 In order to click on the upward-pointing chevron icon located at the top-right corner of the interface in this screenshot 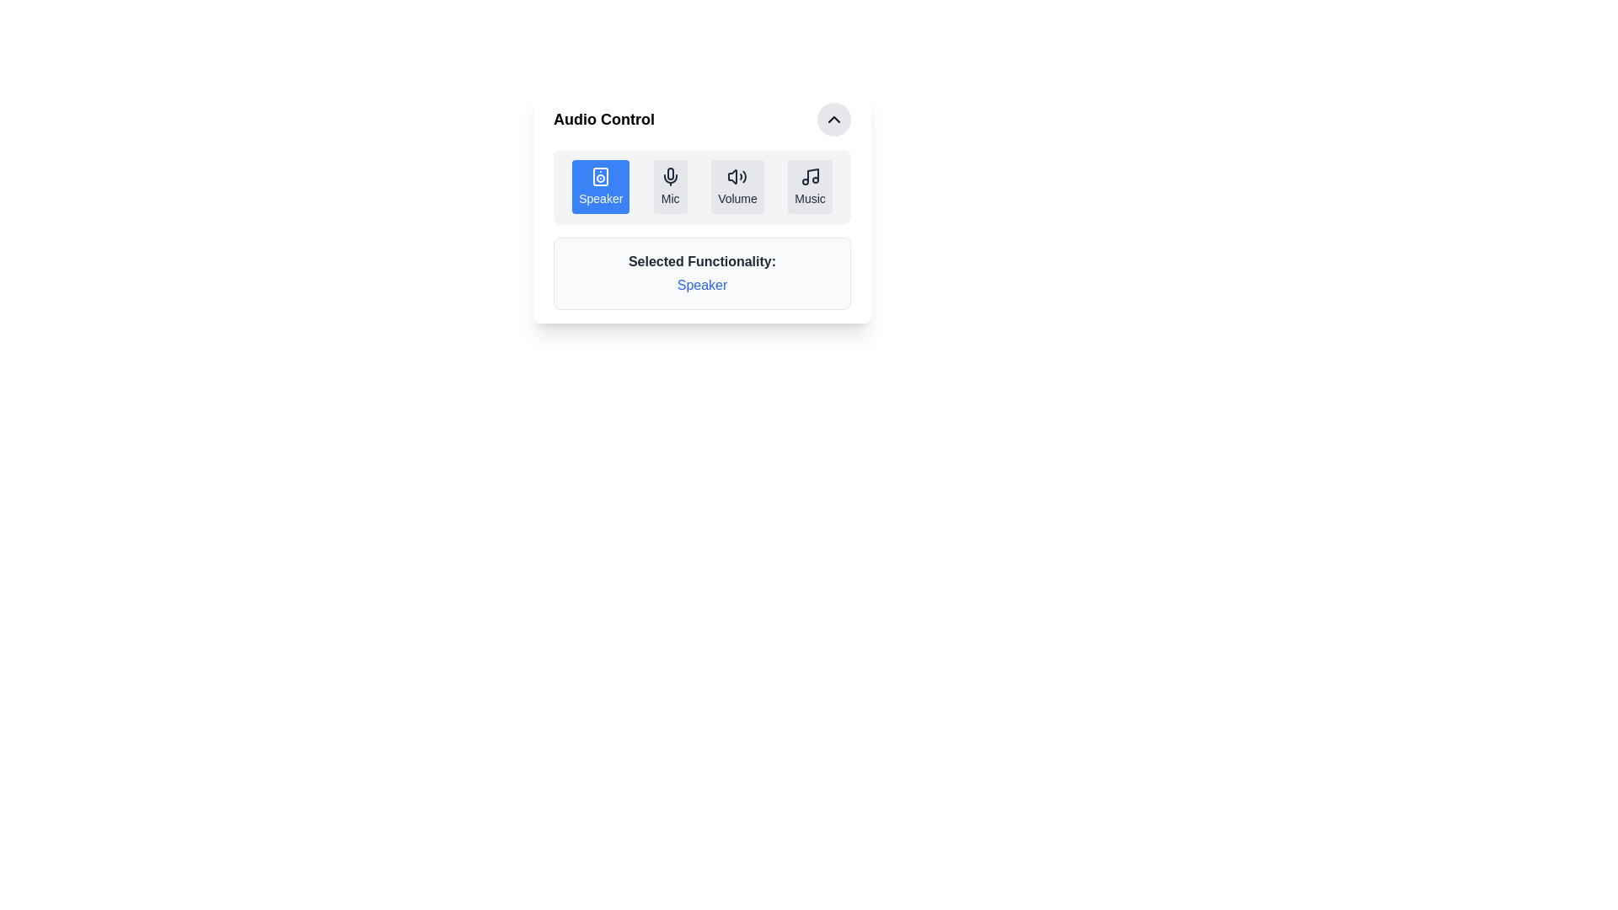, I will do `click(833, 119)`.